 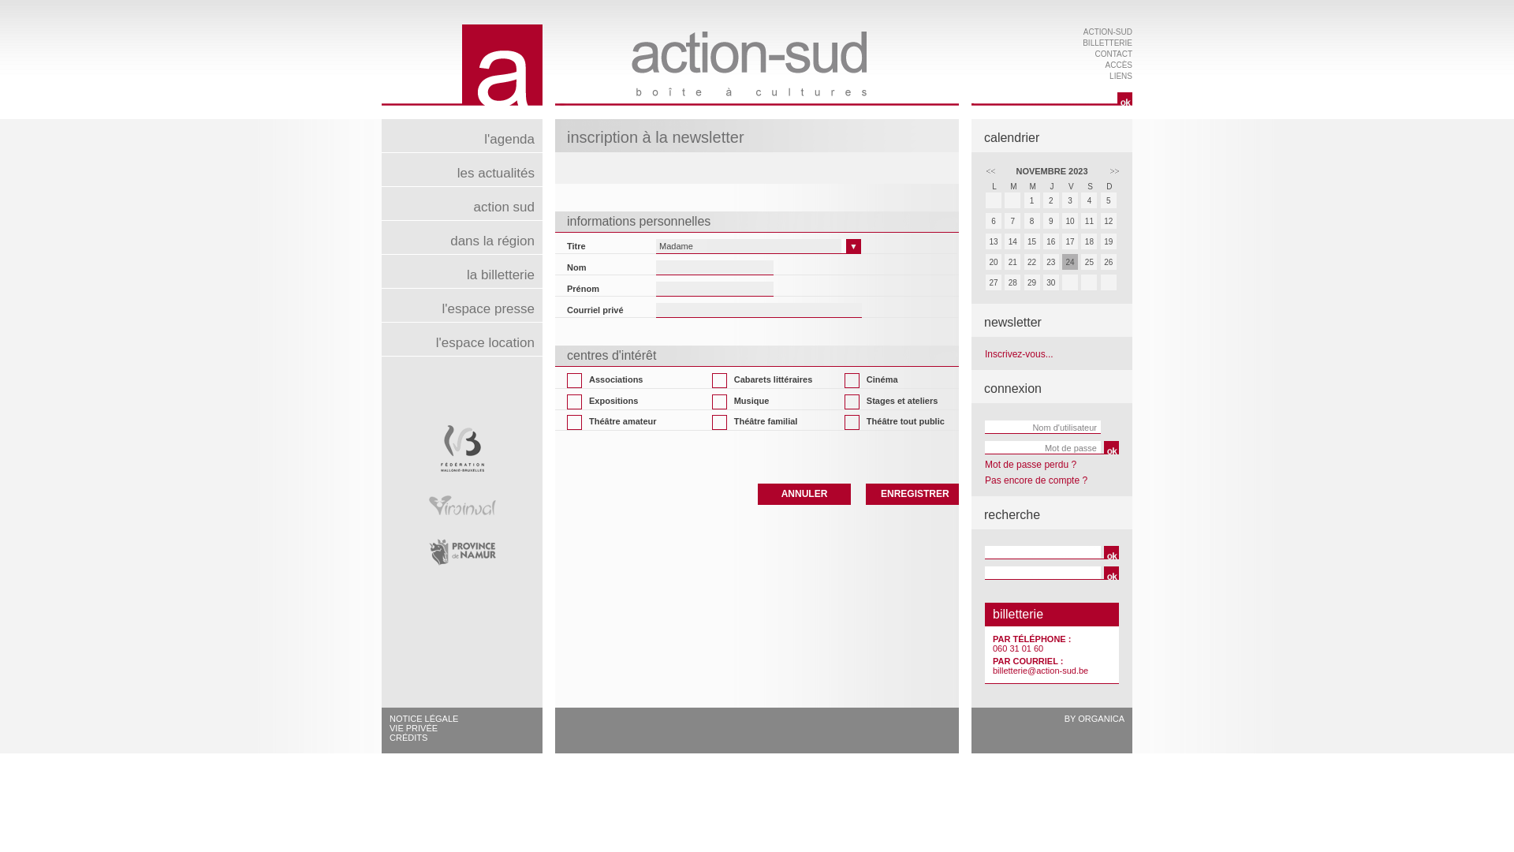 I want to click on '24', so click(x=1070, y=260).